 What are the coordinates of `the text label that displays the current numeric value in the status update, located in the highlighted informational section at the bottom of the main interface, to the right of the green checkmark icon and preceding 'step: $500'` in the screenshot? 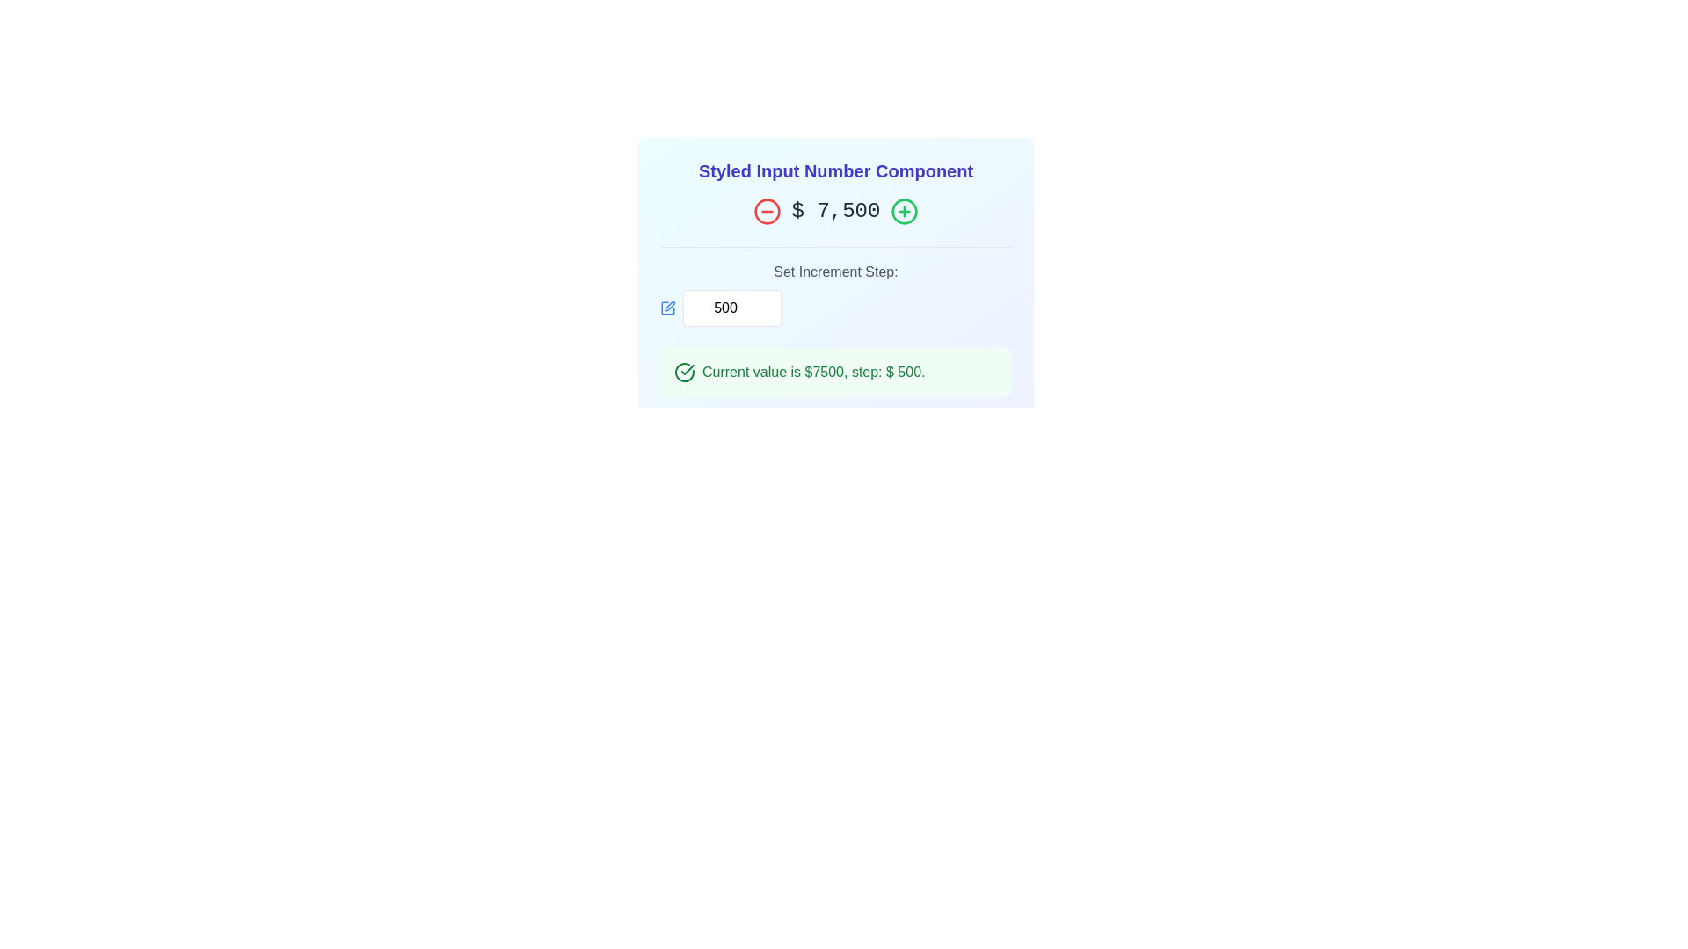 It's located at (827, 372).